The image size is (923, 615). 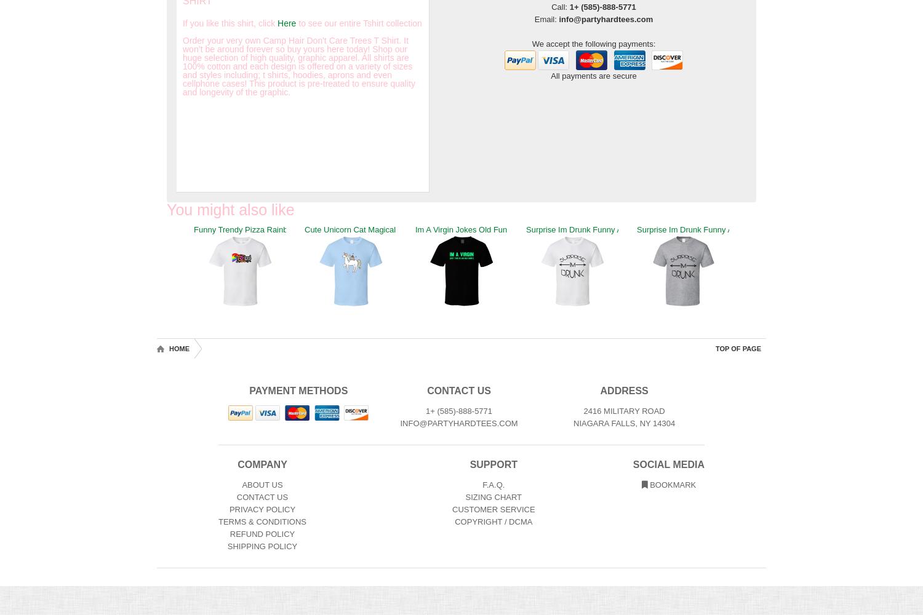 I want to click on 'Payment Methods', so click(x=297, y=391).